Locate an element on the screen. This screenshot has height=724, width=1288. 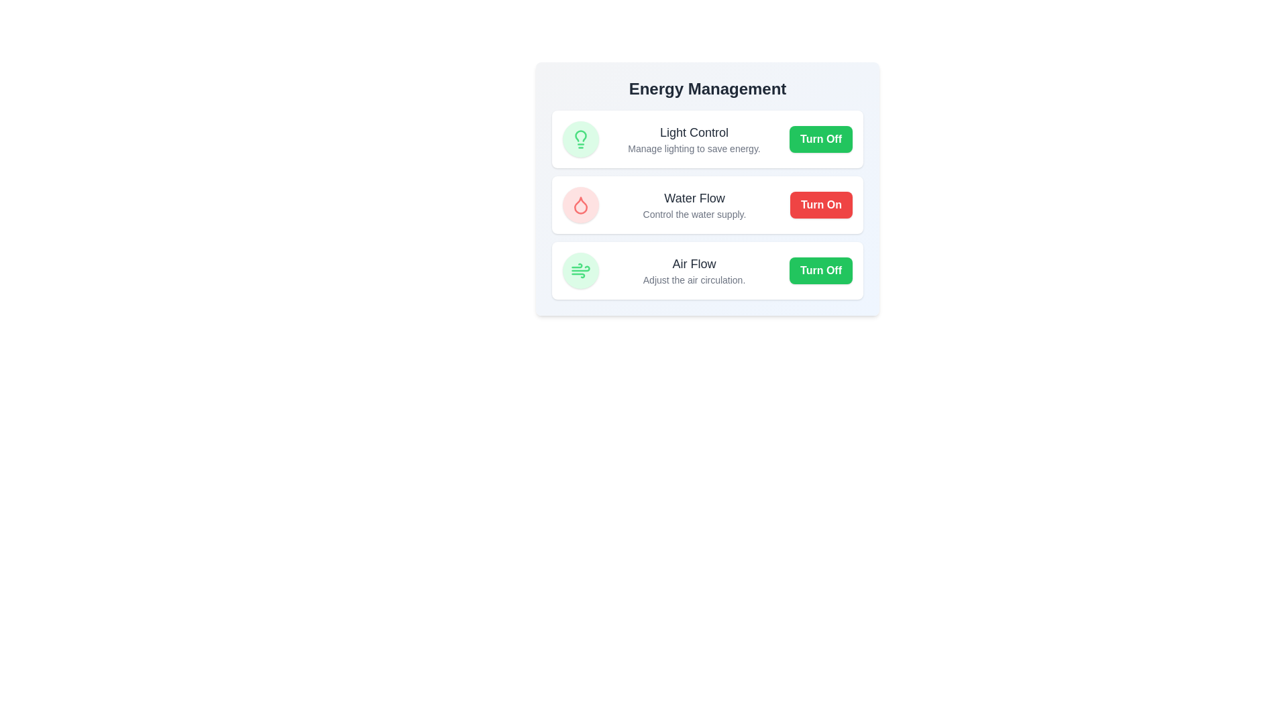
the text label that reads 'Manage lighting to save energy.' which is styled with a small font size and gray color, located below the 'Light Control' section is located at coordinates (694, 149).